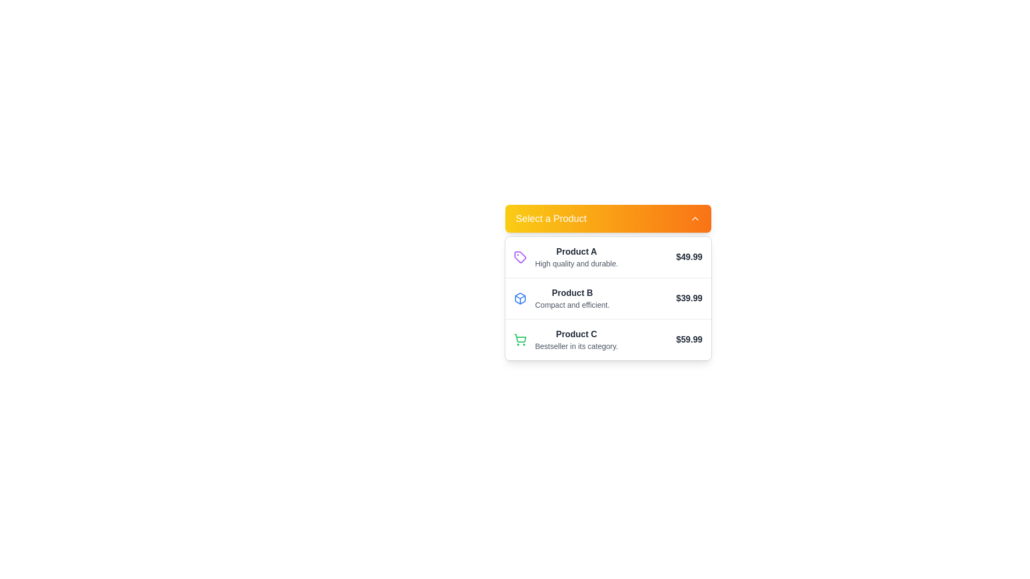 Image resolution: width=1030 pixels, height=579 pixels. What do you see at coordinates (520, 298) in the screenshot?
I see `the 3D cube icon styled in blue` at bounding box center [520, 298].